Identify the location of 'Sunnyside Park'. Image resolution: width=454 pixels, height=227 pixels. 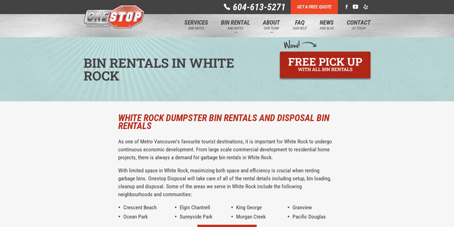
(195, 216).